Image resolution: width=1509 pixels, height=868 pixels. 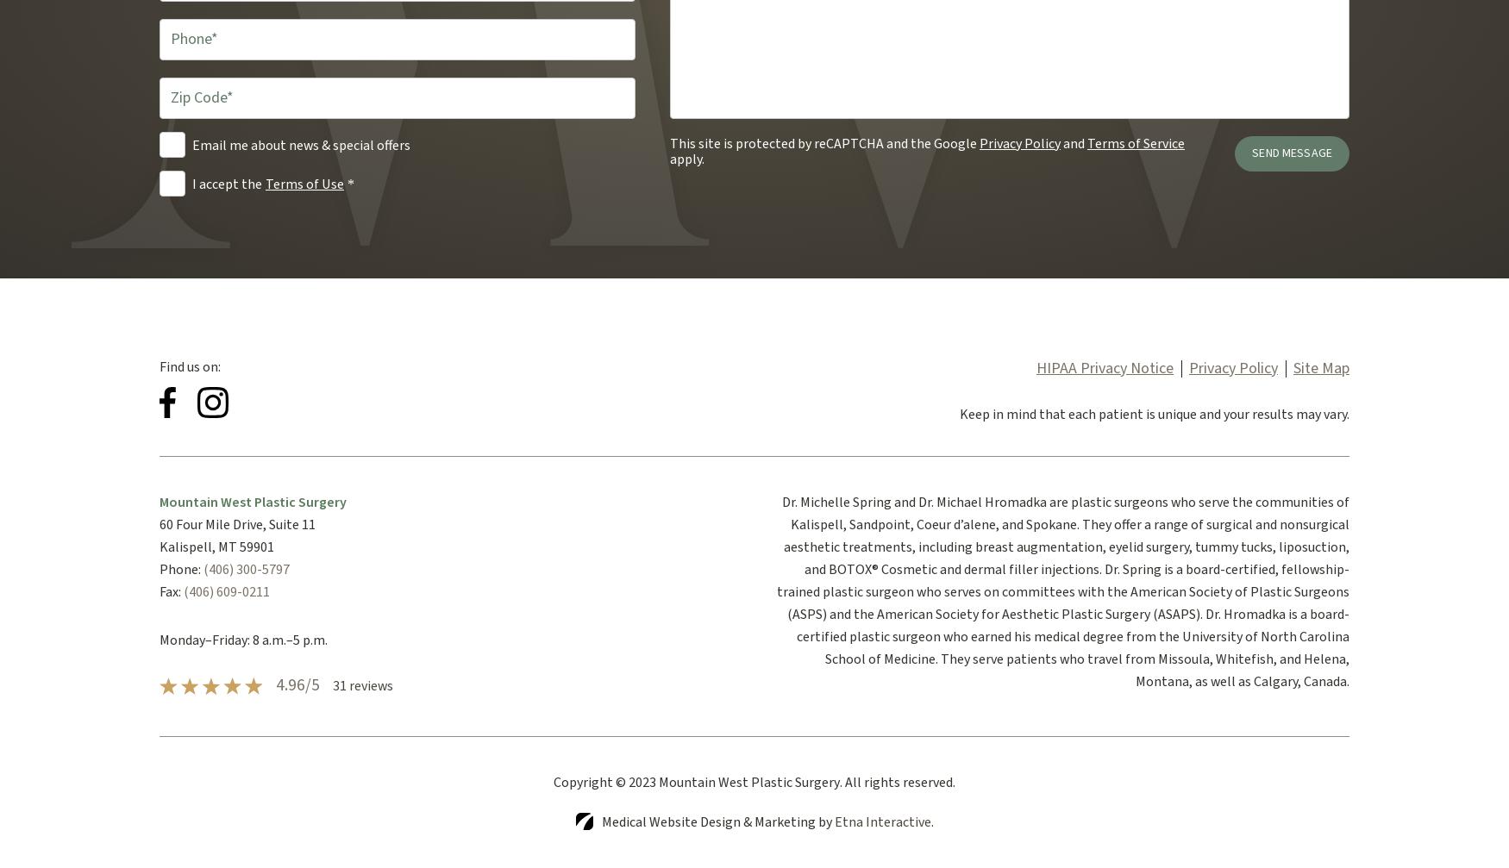 What do you see at coordinates (179, 567) in the screenshot?
I see `'Phone:'` at bounding box center [179, 567].